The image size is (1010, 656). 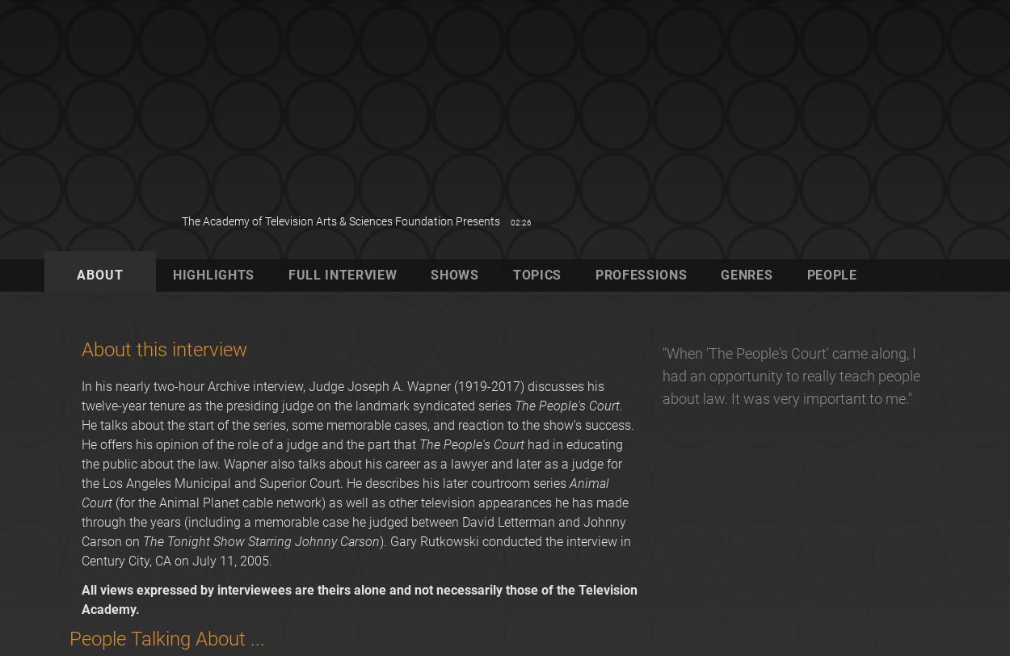 I want to click on 'Professions', so click(x=594, y=274).